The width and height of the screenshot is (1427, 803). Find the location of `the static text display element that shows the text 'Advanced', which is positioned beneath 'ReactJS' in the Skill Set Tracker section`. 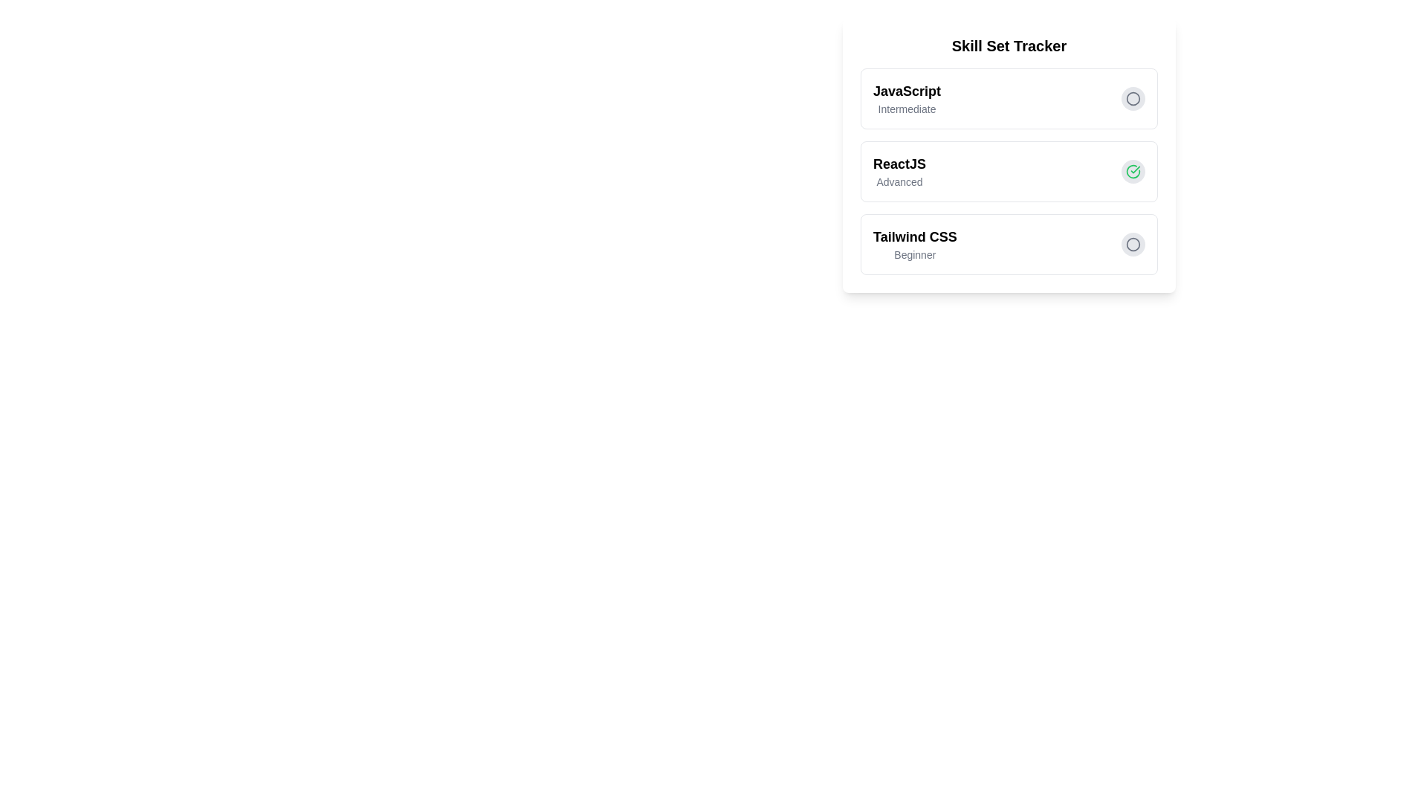

the static text display element that shows the text 'Advanced', which is positioned beneath 'ReactJS' in the Skill Set Tracker section is located at coordinates (899, 181).